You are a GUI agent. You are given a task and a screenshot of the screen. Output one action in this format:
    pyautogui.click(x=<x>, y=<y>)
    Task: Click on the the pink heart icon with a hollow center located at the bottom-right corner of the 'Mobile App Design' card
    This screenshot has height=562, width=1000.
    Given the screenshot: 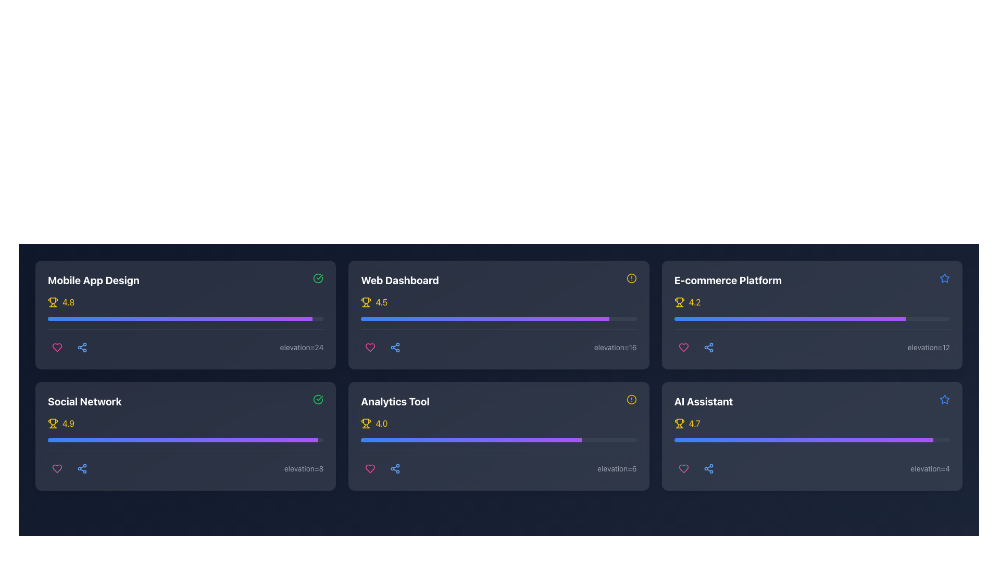 What is the action you would take?
    pyautogui.click(x=57, y=347)
    